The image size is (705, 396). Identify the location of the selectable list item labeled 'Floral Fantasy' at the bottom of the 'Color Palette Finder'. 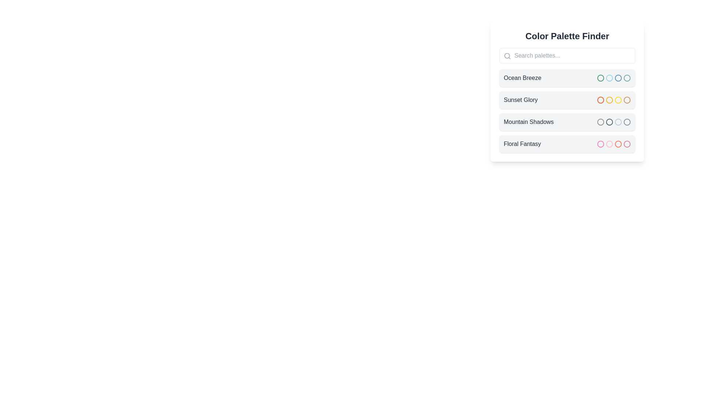
(567, 144).